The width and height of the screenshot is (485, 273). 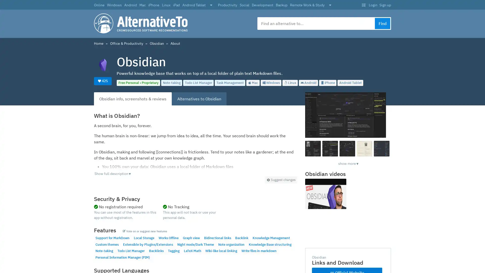 I want to click on Show all platforms, so click(x=211, y=5).